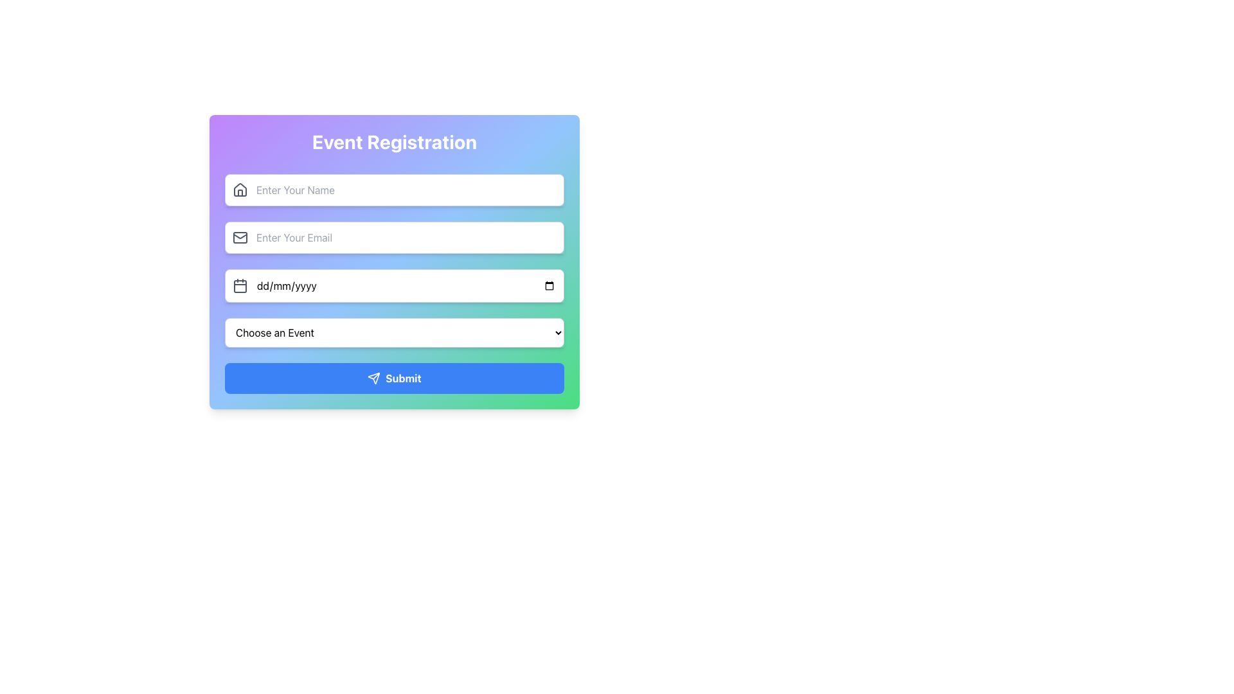  Describe the element at coordinates (240, 235) in the screenshot. I see `envelope icon decoration SVG element located within the form, adjacent to the email input field, using developer tools` at that location.